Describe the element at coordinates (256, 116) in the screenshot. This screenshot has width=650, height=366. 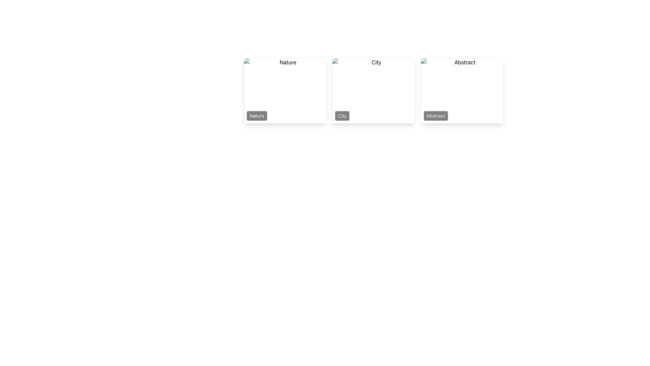
I see `informational label text 'Nature' displayed in a small, rounded rectangle with a black background and 50% transparency, located at the bottom-left corner of the card labeled 'Nature'` at that location.